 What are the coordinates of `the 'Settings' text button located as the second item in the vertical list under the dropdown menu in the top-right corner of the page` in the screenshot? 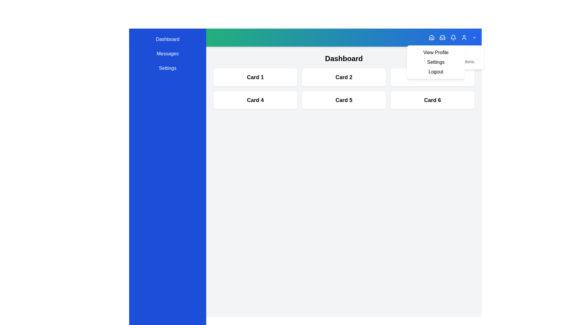 It's located at (436, 62).